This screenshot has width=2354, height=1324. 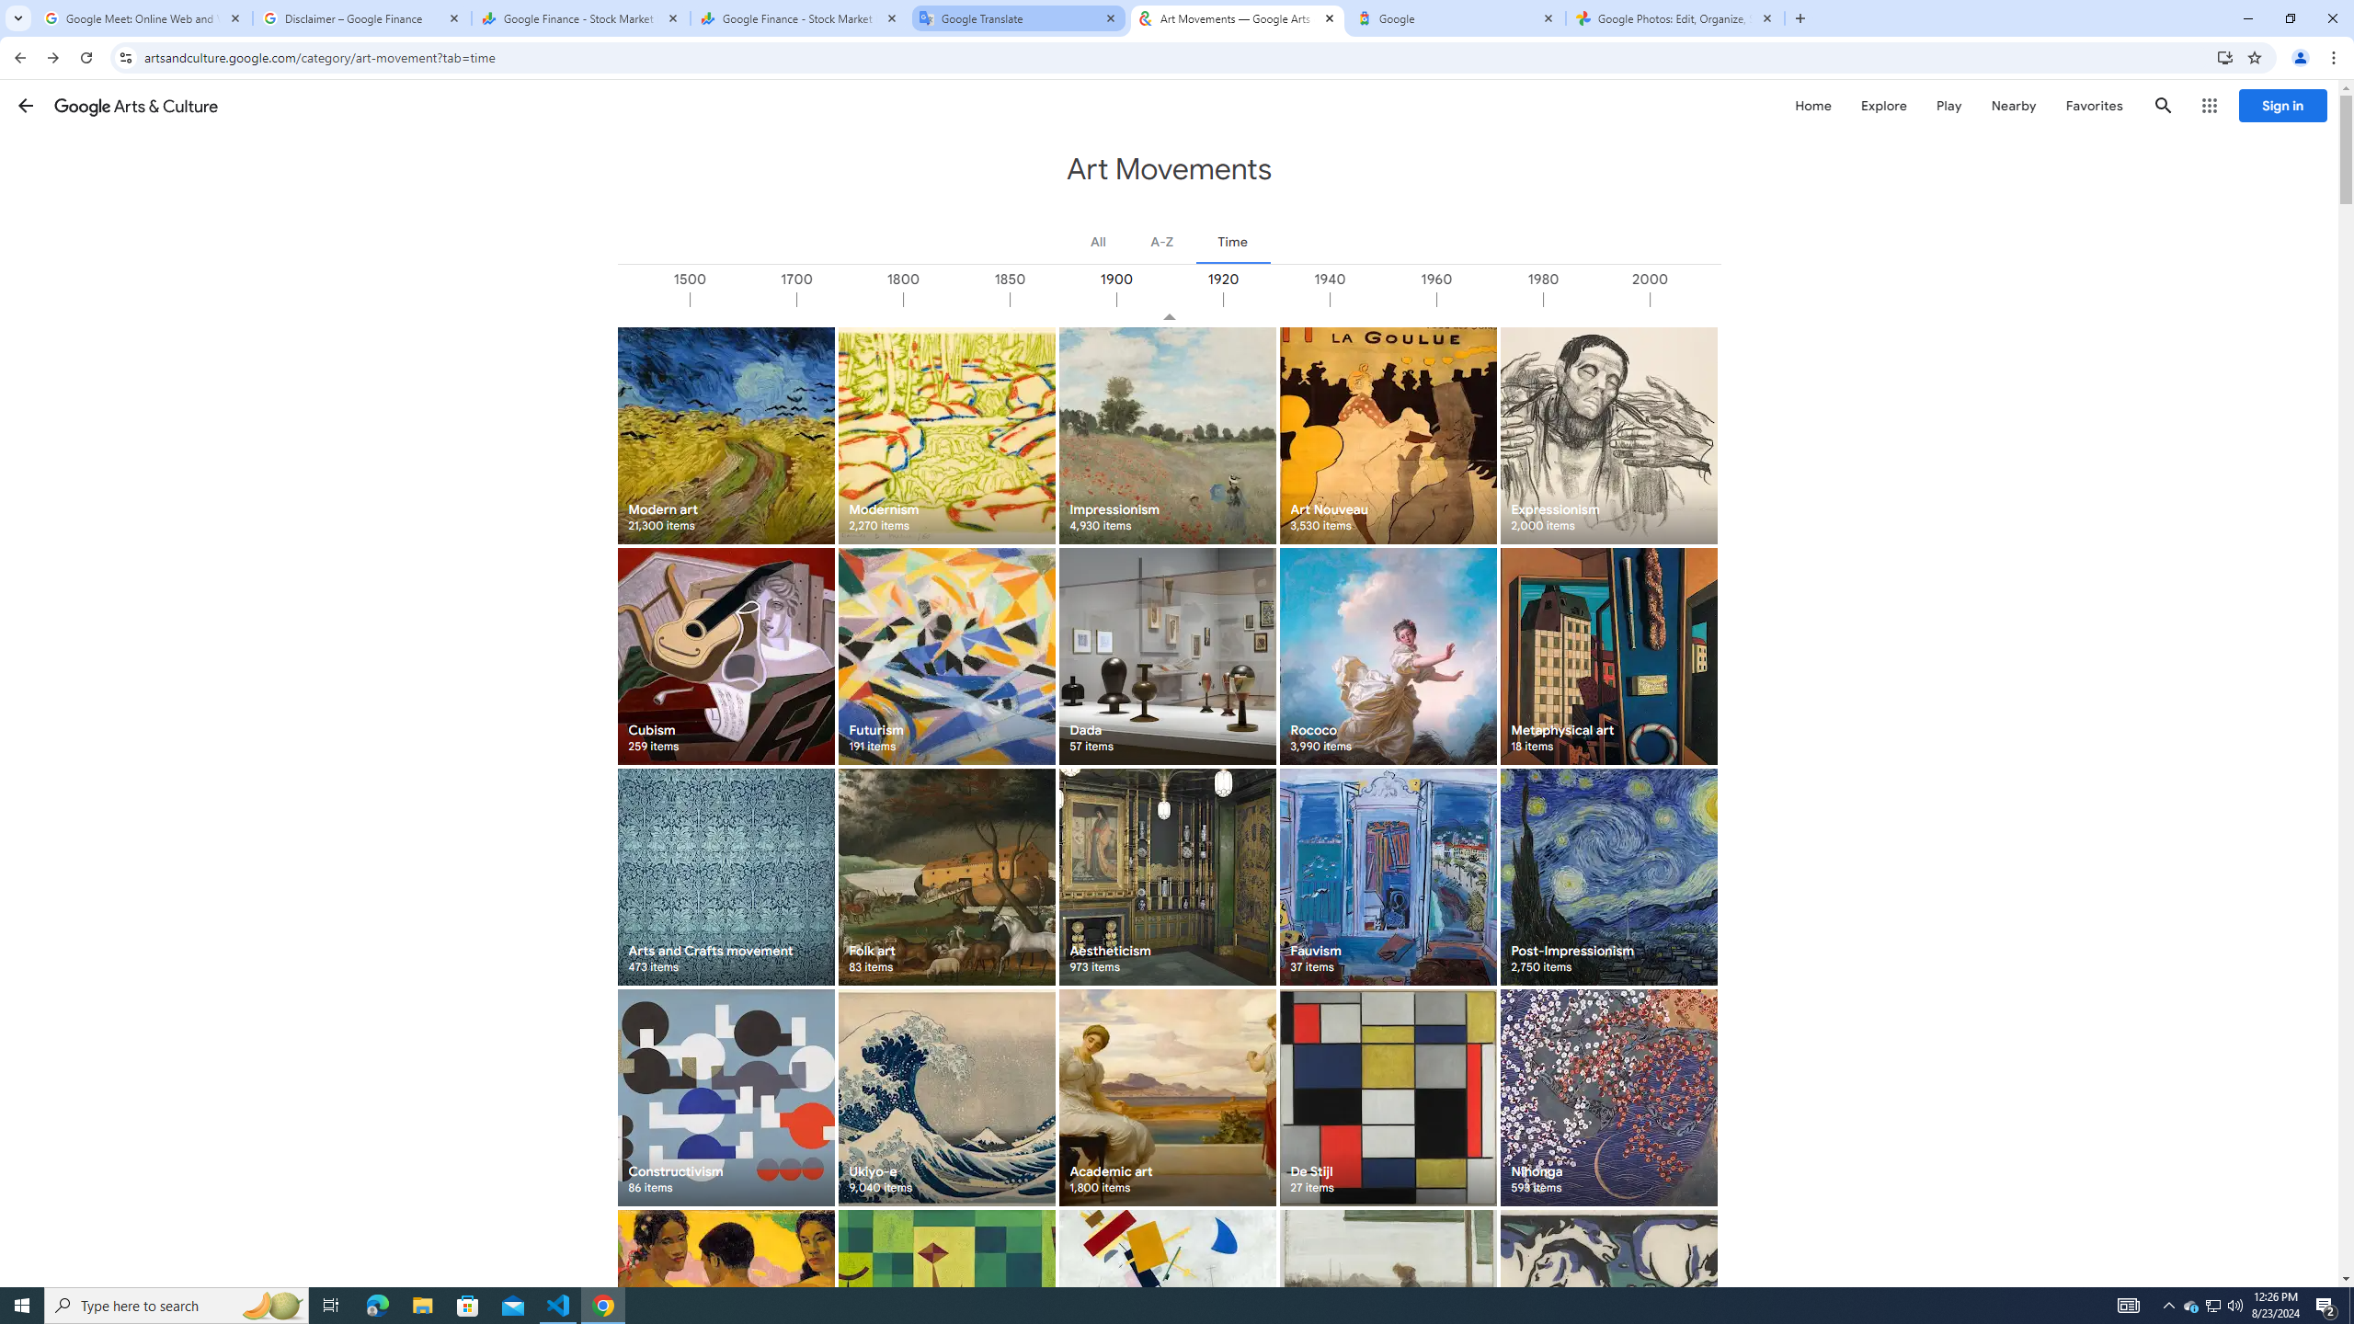 What do you see at coordinates (1169, 299) in the screenshot?
I see `'1900'` at bounding box center [1169, 299].